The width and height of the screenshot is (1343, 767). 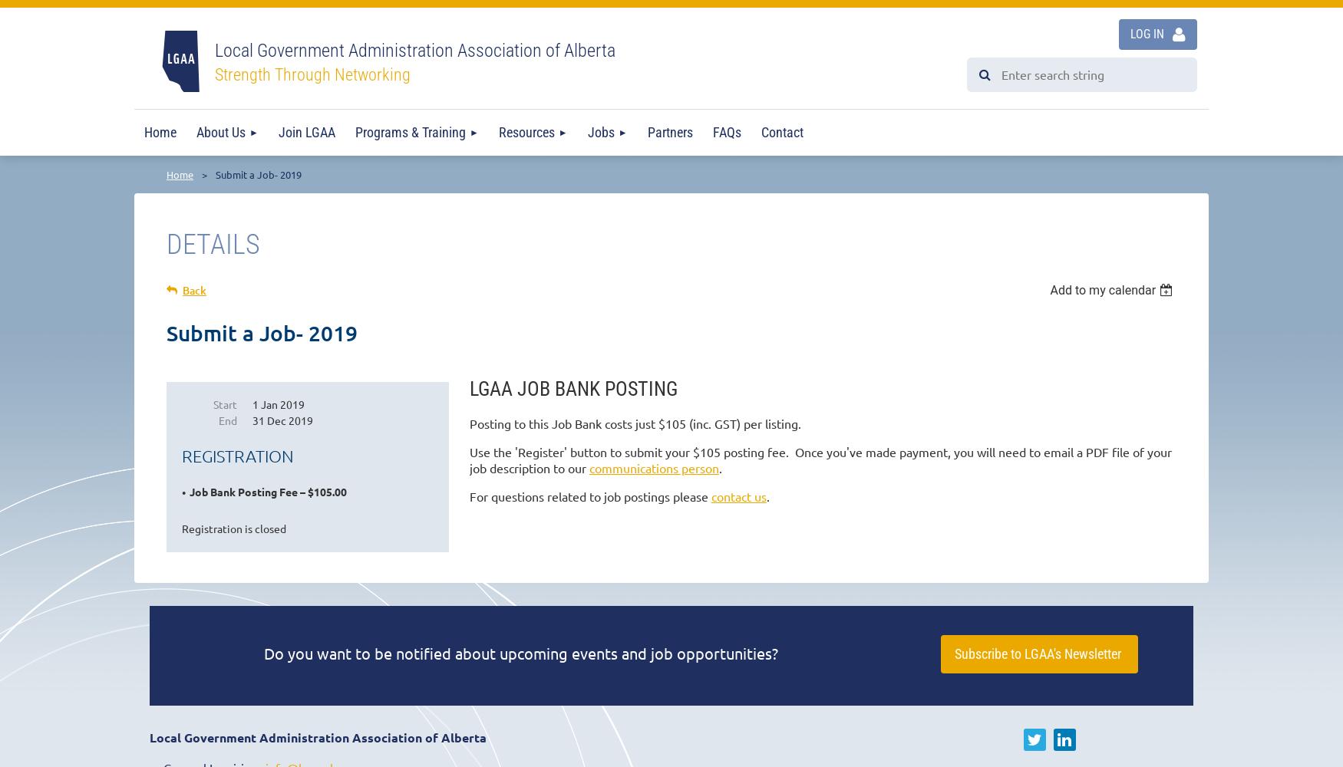 I want to click on 'Do you want to be notified about upcoming events and job opportunities?', so click(x=520, y=652).